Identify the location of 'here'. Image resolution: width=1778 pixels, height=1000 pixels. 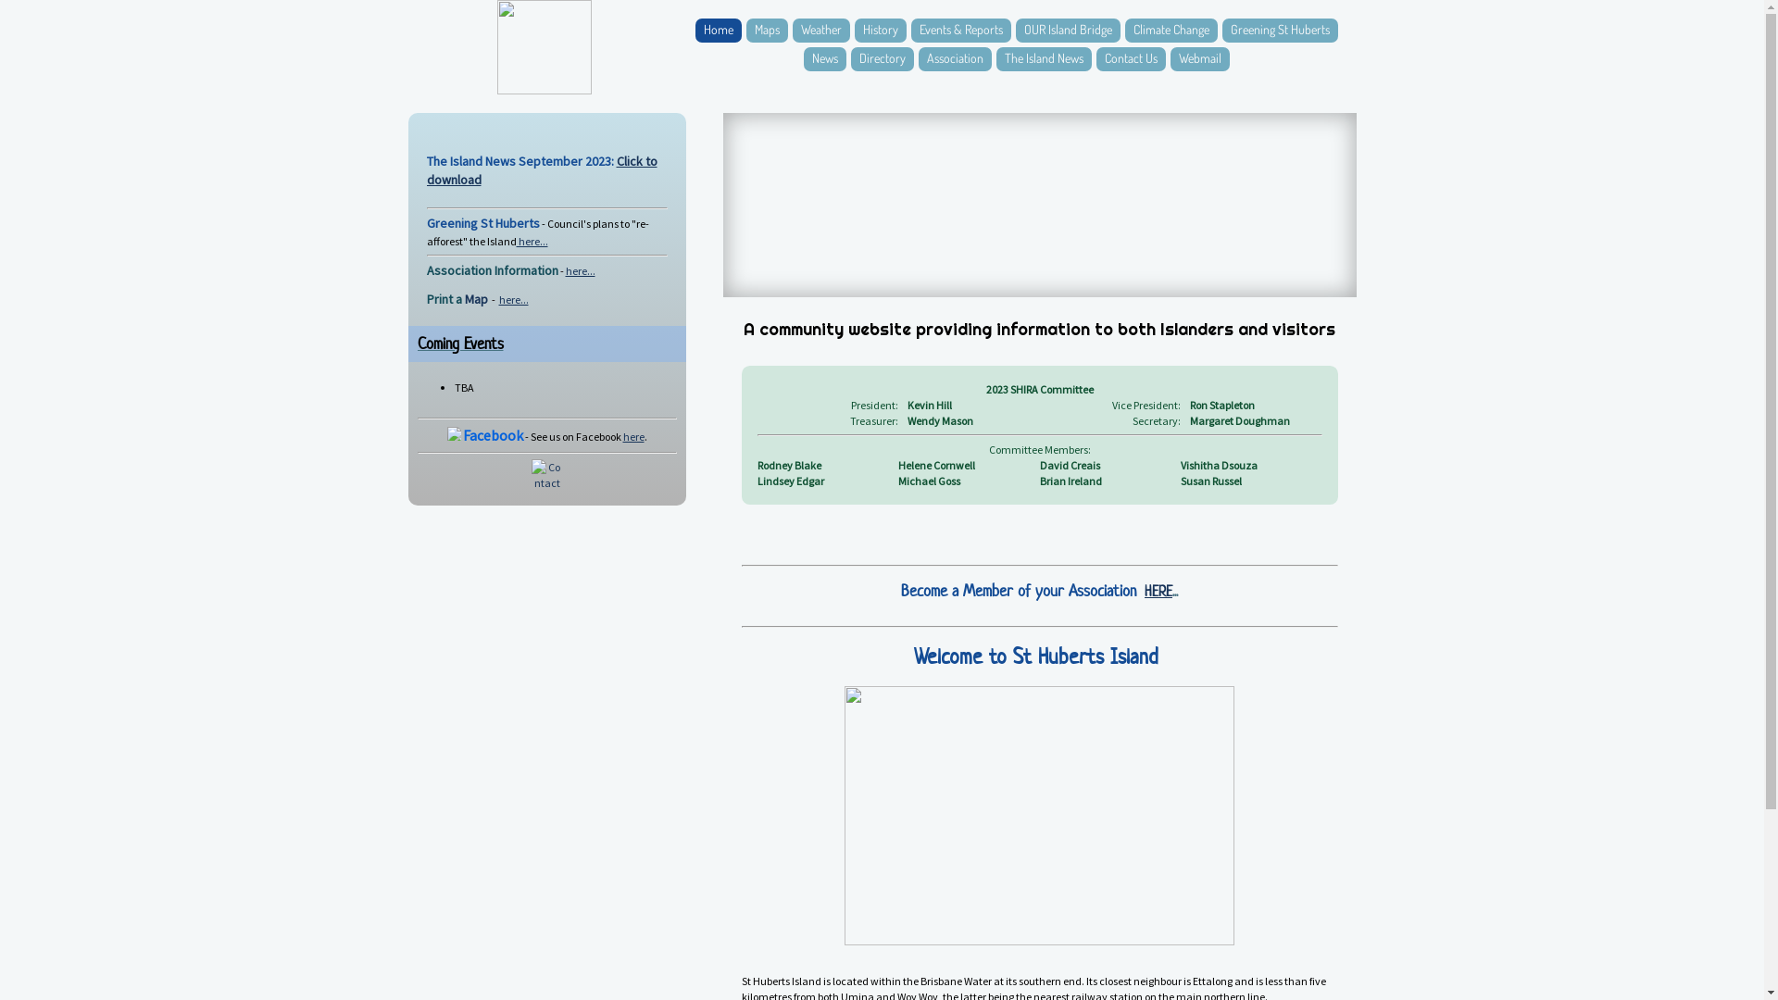
(632, 436).